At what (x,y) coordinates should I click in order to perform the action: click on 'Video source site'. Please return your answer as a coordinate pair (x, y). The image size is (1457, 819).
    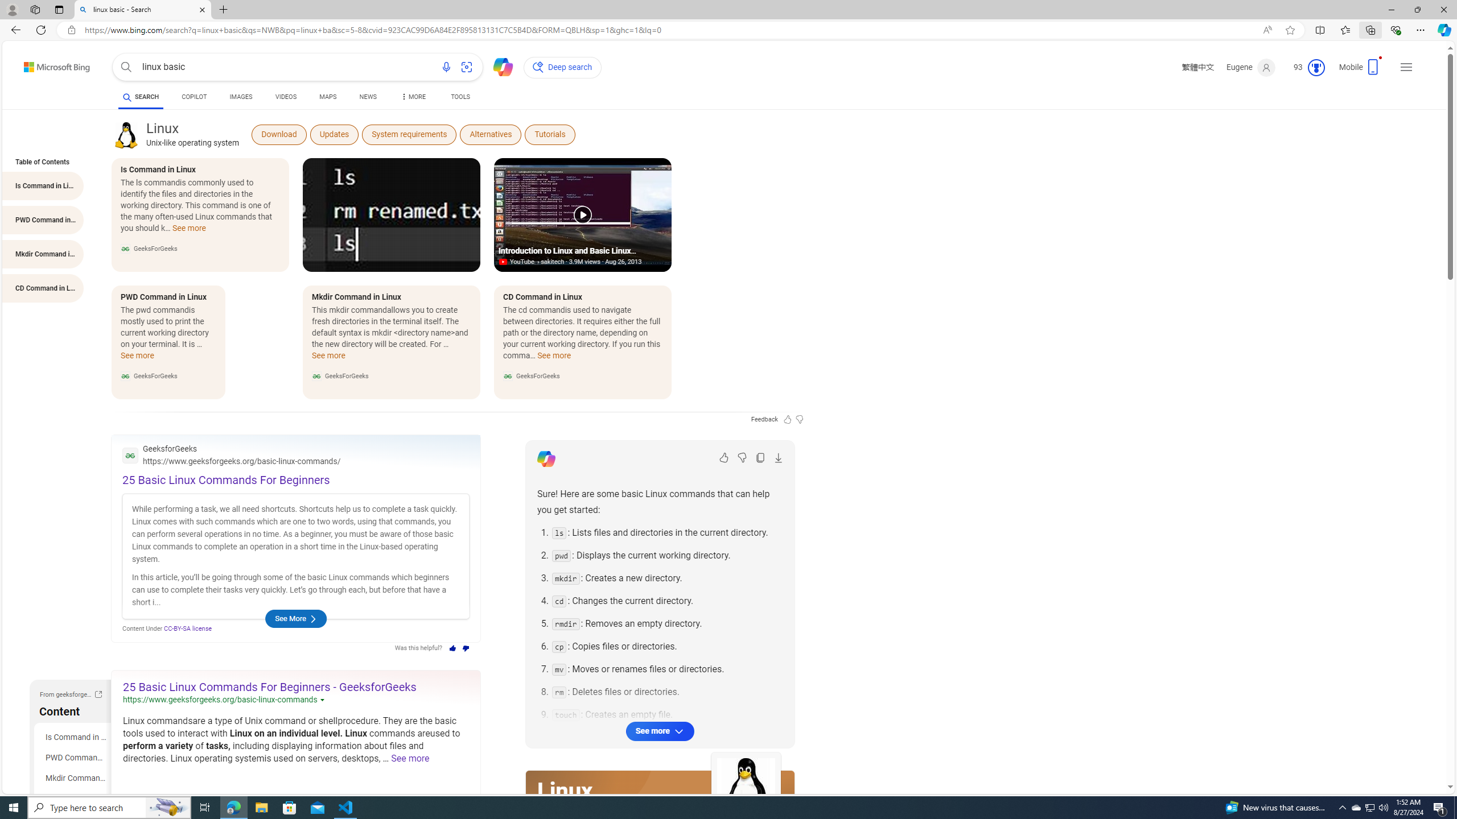
    Looking at the image, I should click on (503, 262).